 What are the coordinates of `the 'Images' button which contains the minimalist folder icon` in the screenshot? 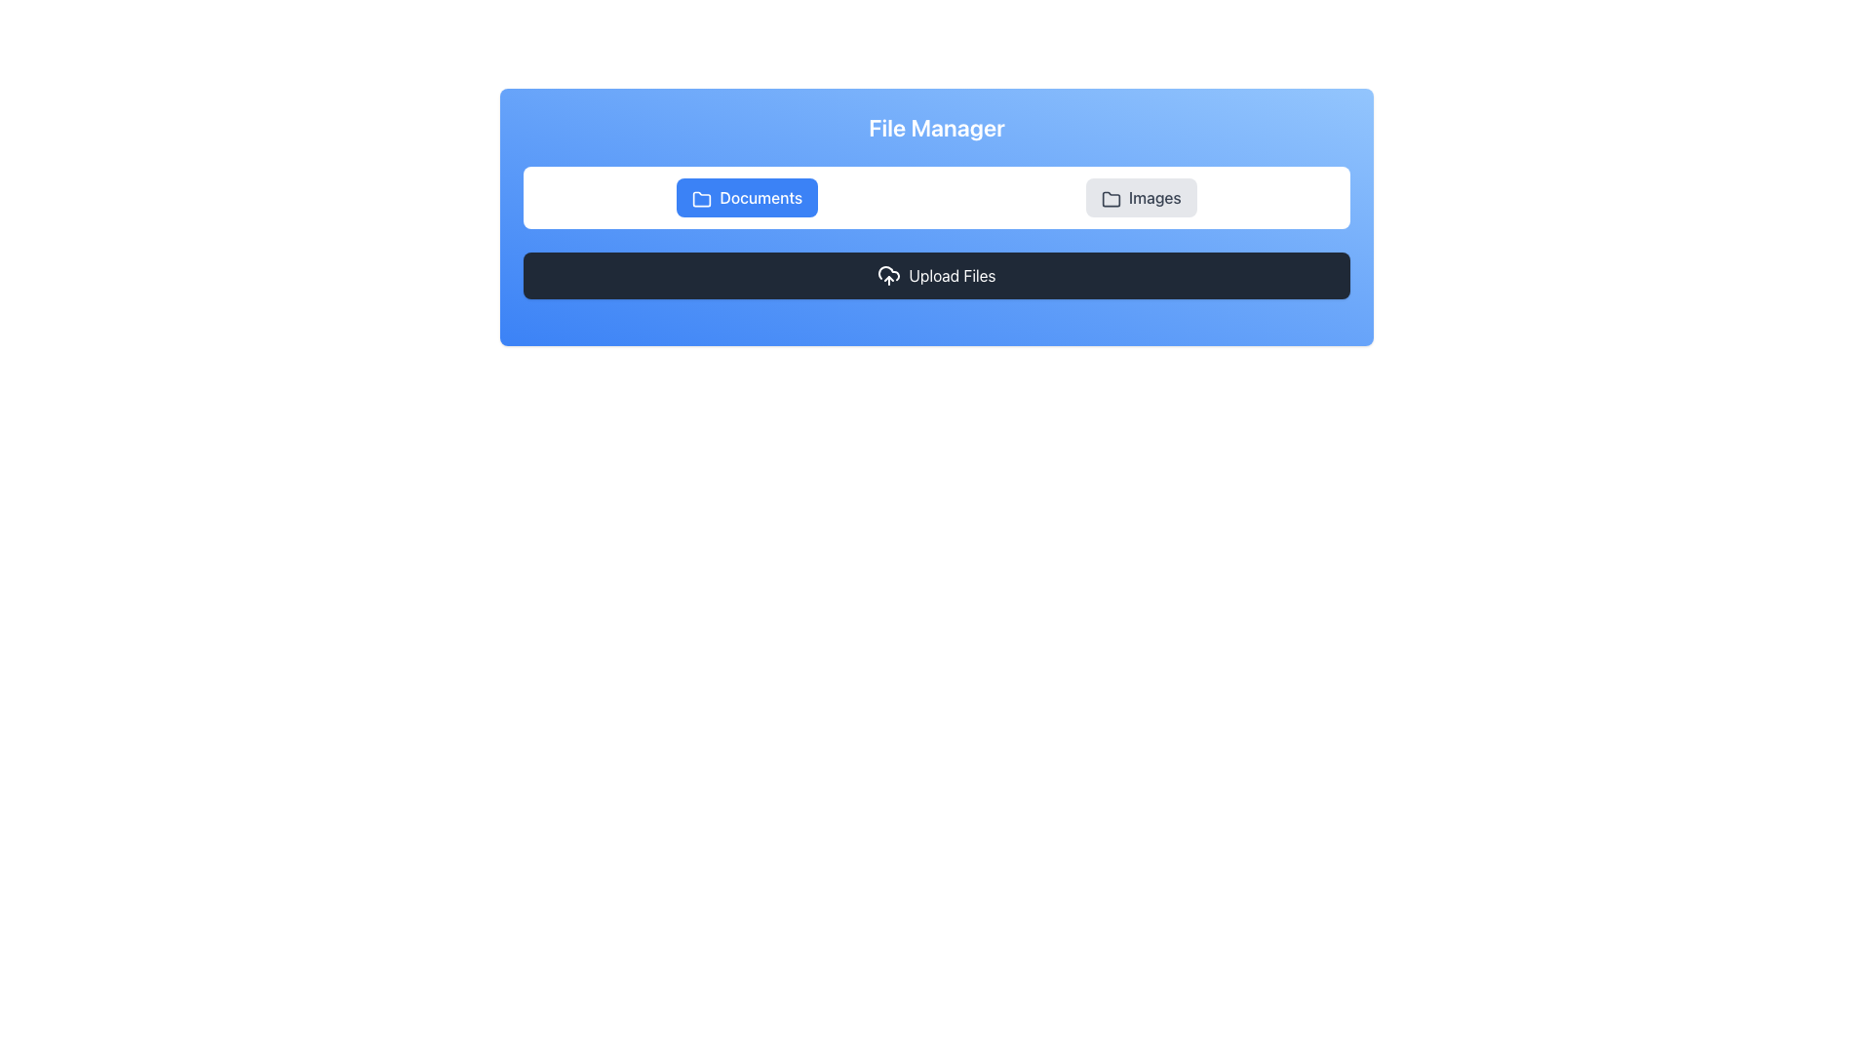 It's located at (1111, 199).